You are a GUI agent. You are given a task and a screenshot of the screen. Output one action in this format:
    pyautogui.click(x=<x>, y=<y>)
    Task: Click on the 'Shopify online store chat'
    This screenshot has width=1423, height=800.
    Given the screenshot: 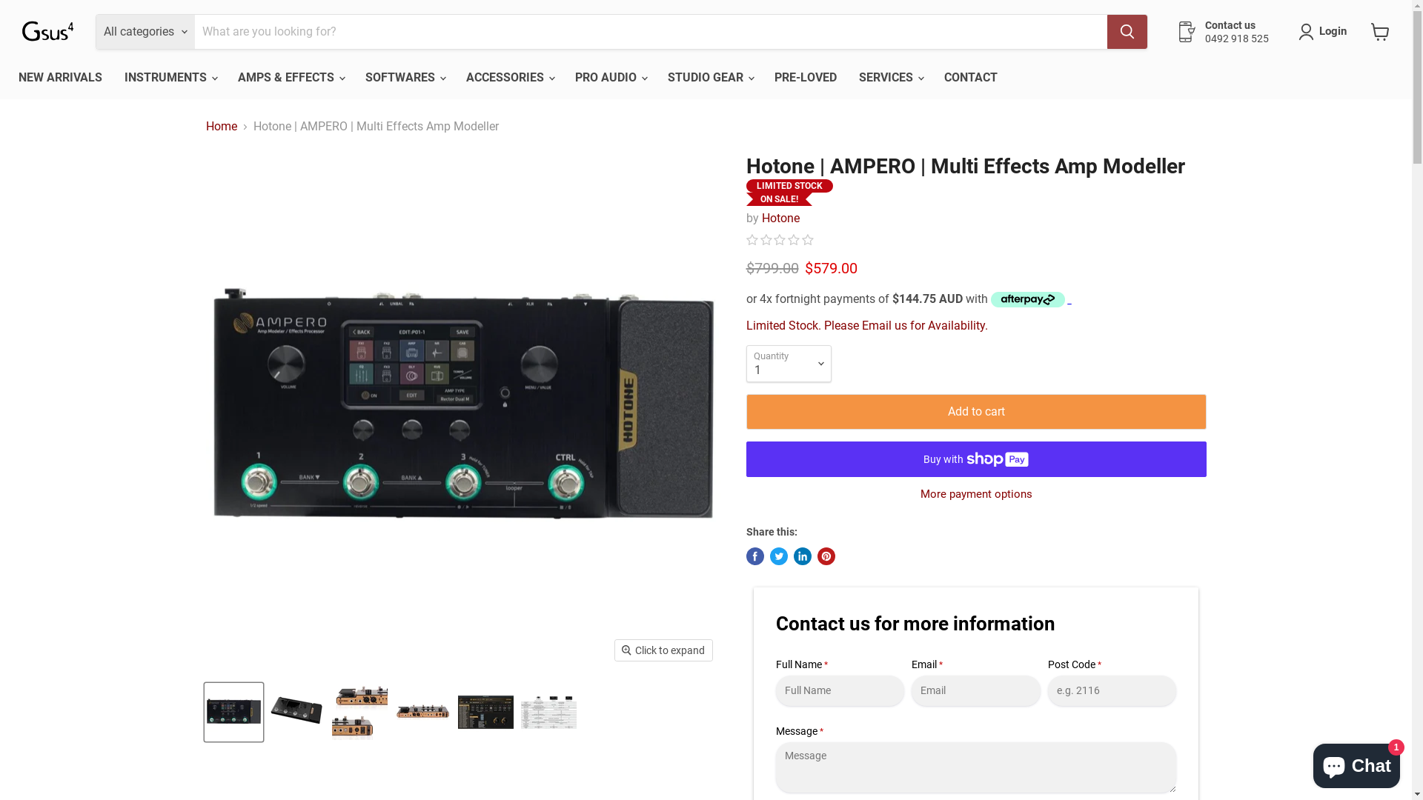 What is the action you would take?
    pyautogui.click(x=1356, y=762)
    